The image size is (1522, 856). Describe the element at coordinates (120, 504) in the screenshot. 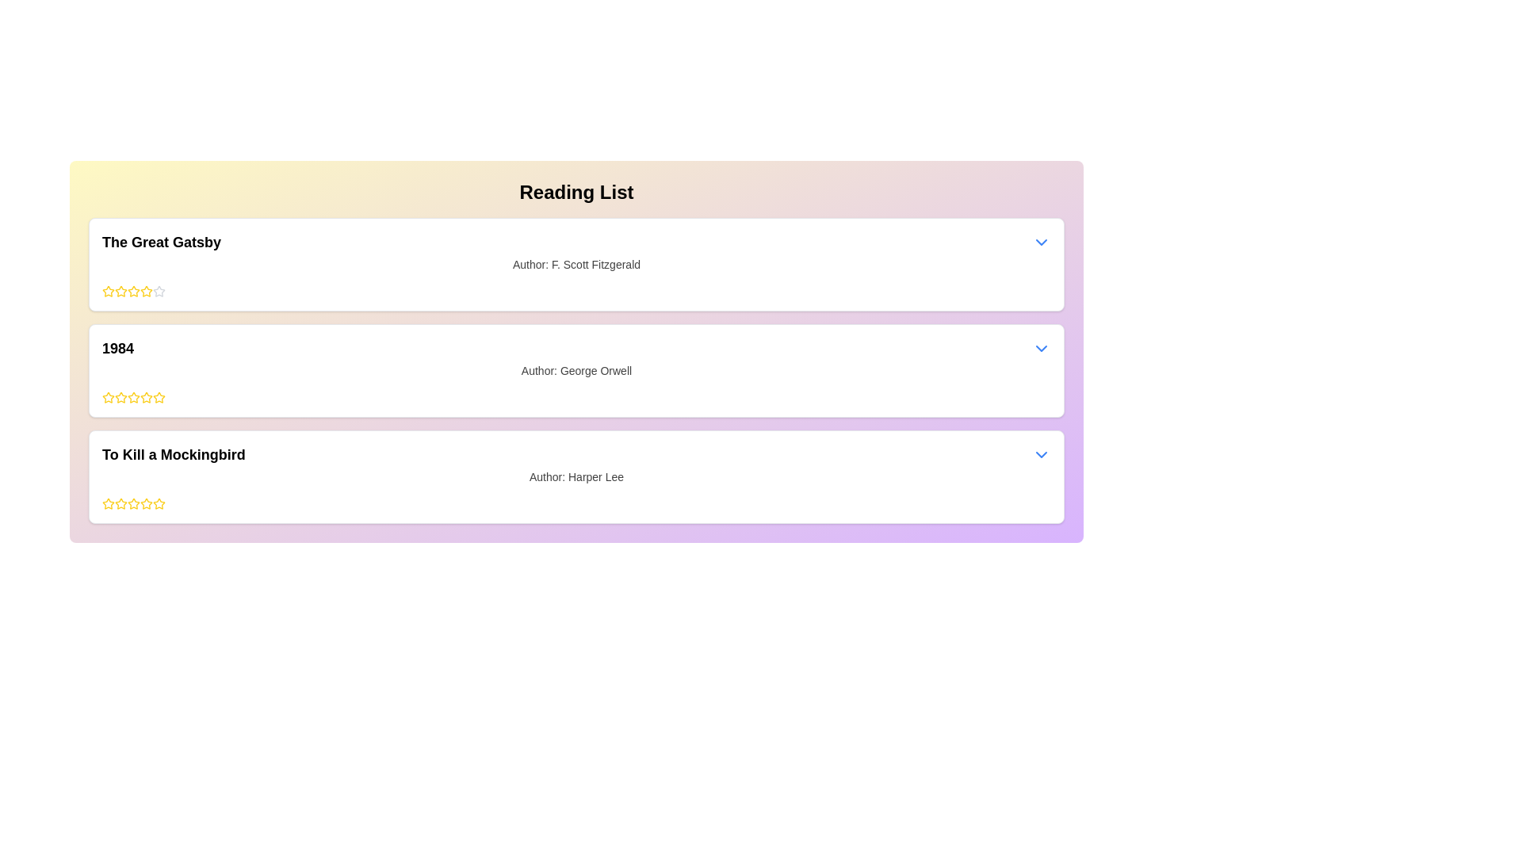

I see `the third rating star located under the title 'To Kill a Mockingbird' in the reading list interface` at that location.